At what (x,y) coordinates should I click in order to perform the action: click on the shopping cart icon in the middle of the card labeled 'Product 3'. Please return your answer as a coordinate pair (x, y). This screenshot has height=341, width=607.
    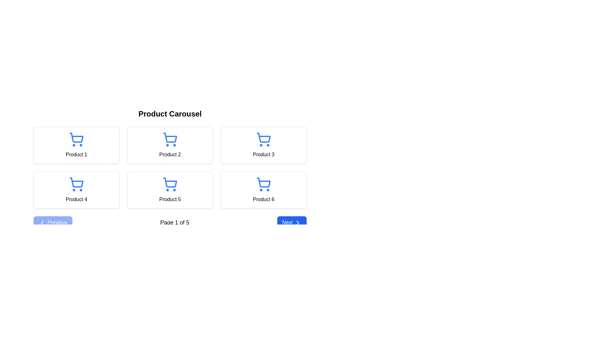
    Looking at the image, I should click on (264, 137).